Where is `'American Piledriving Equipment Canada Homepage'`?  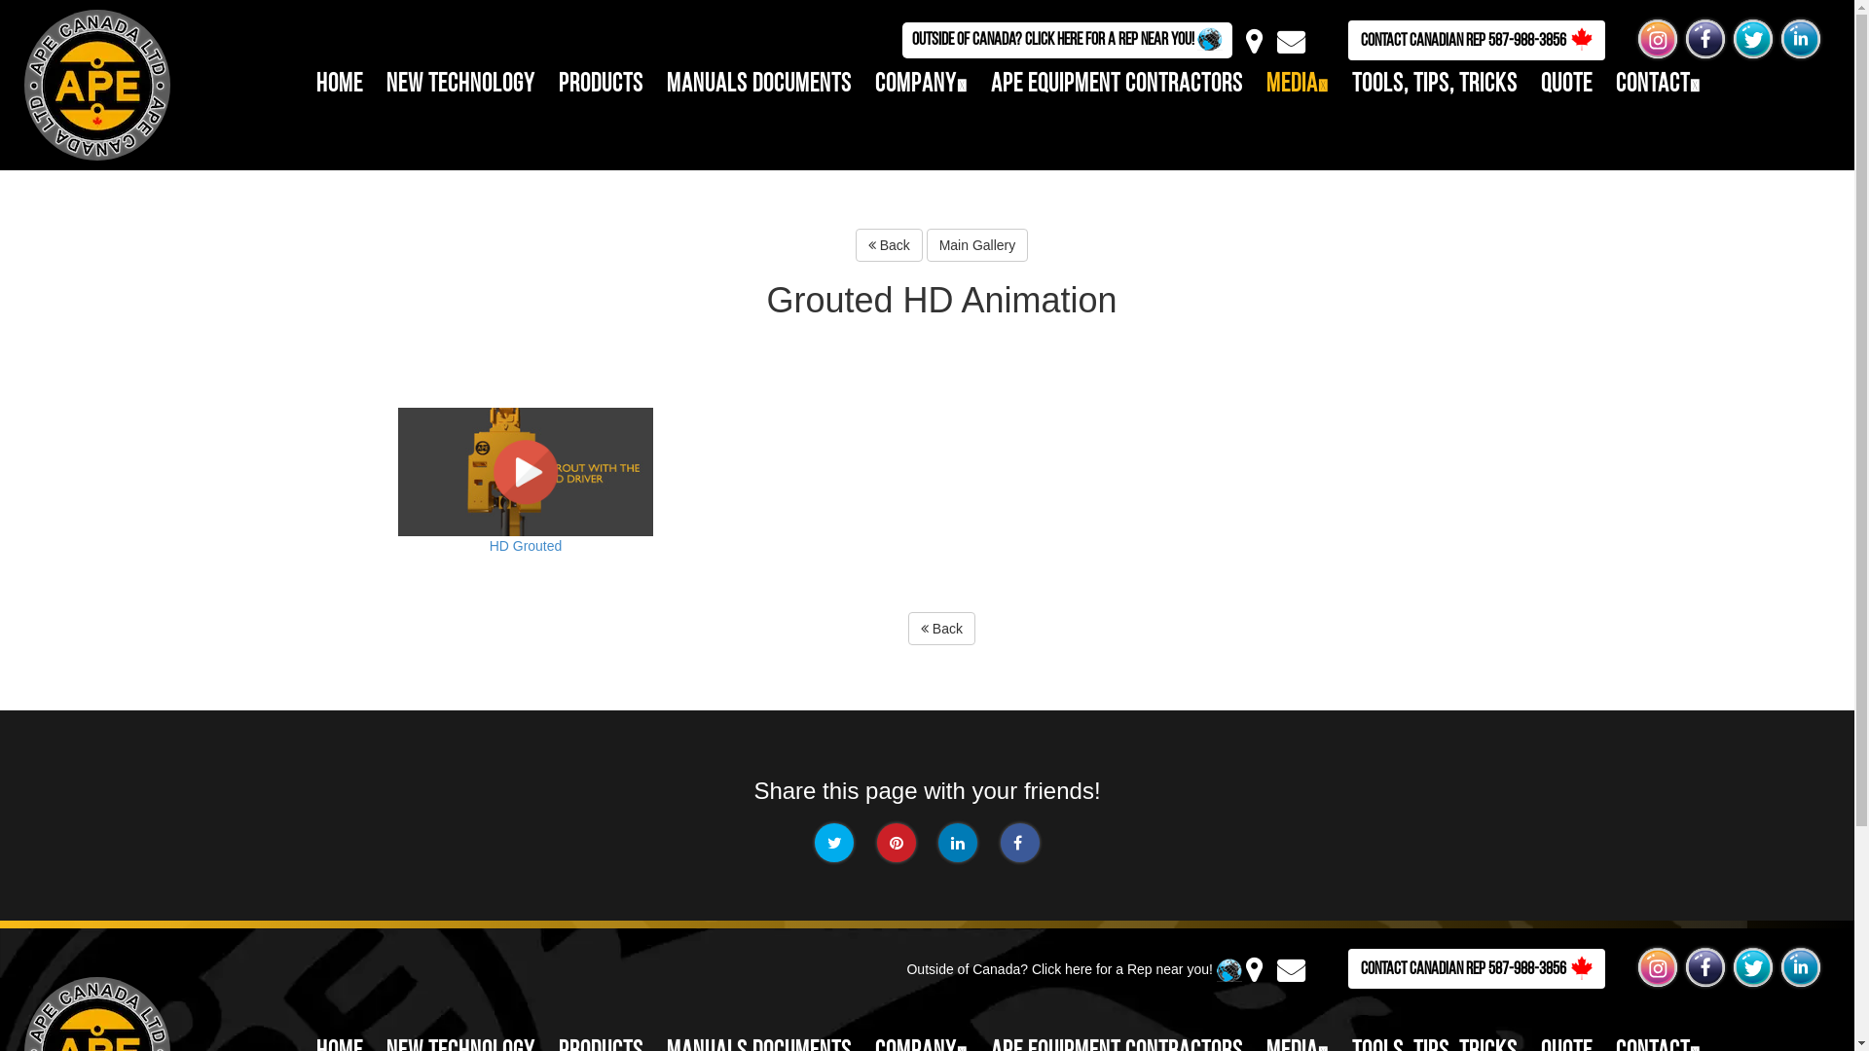 'American Piledriving Equipment Canada Homepage' is located at coordinates (86, 82).